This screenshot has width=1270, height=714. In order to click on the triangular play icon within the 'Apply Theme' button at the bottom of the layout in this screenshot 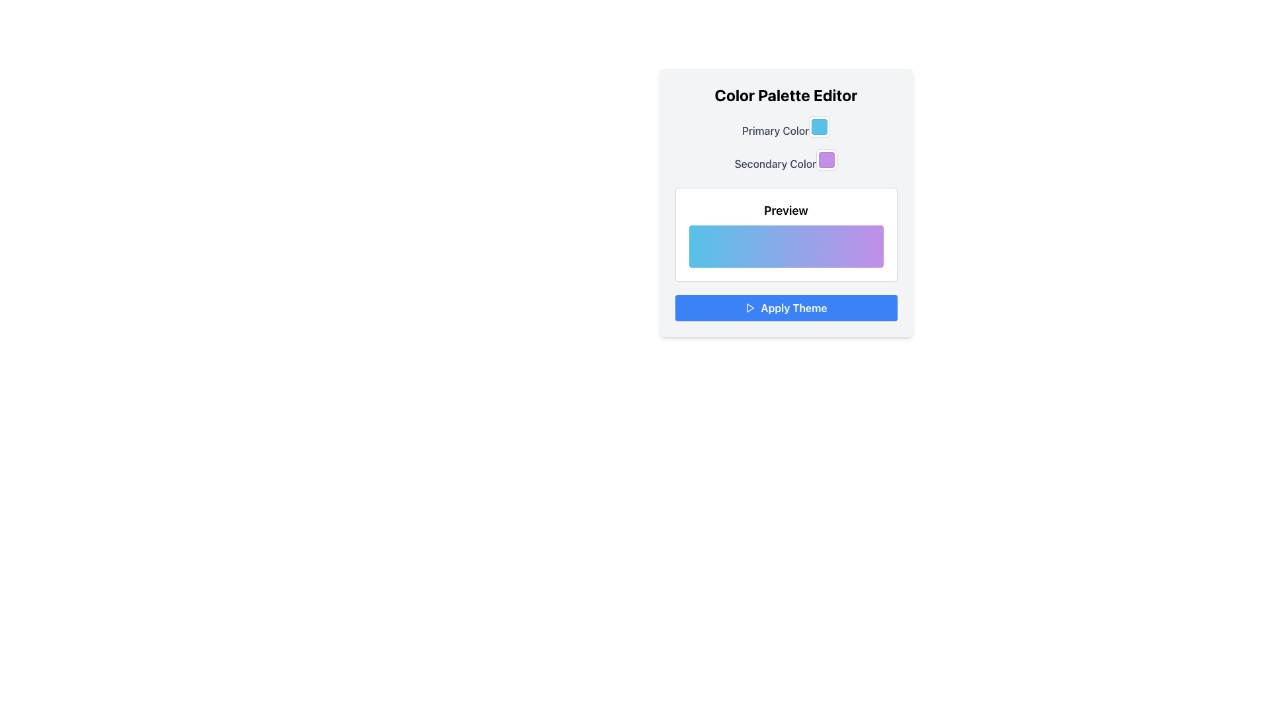, I will do `click(751, 308)`.